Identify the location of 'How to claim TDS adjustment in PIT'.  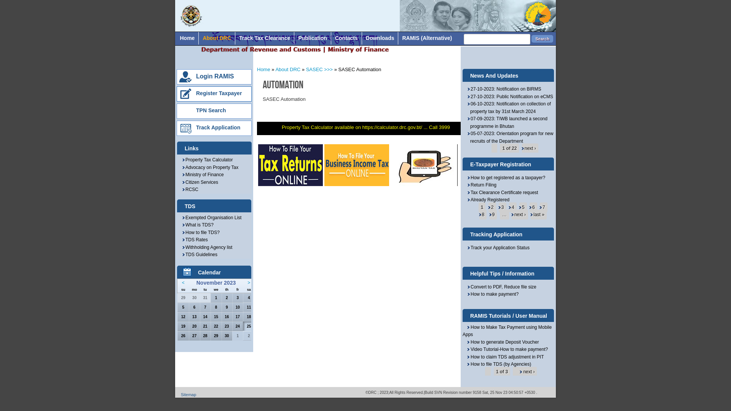
(503, 357).